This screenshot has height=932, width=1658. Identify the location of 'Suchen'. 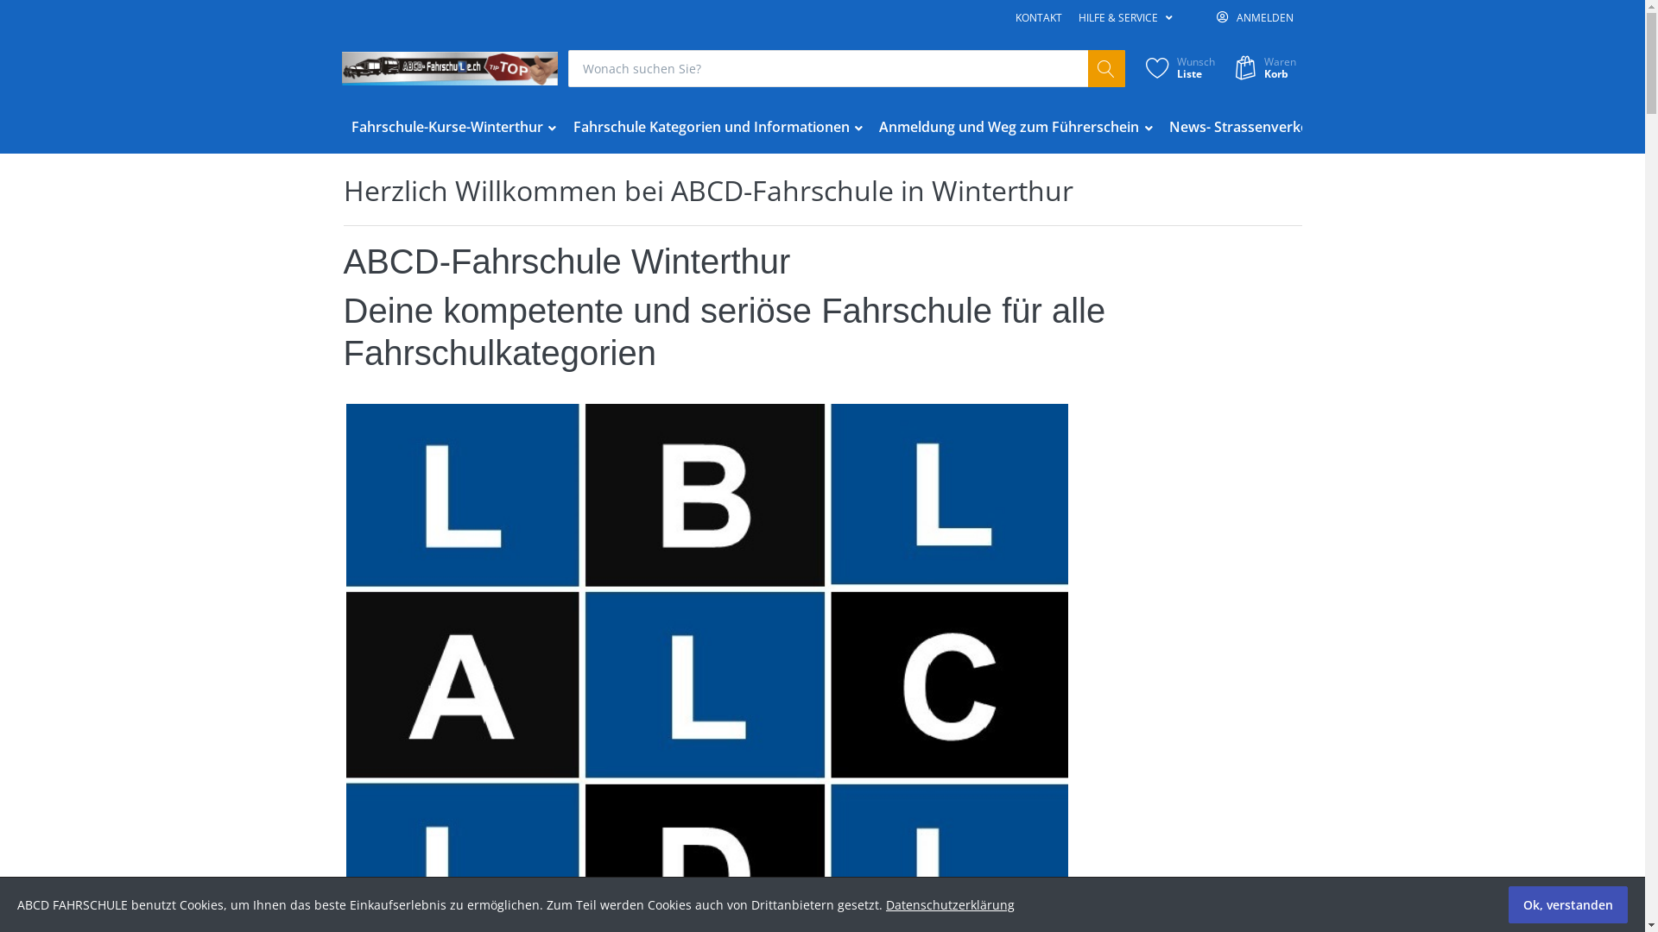
(1086, 67).